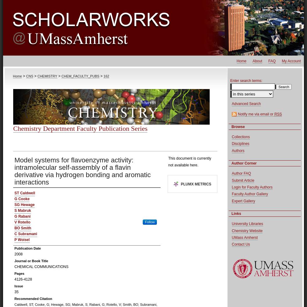 This screenshot has height=307, width=307. I want to click on 'UMass Amherst', so click(232, 237).